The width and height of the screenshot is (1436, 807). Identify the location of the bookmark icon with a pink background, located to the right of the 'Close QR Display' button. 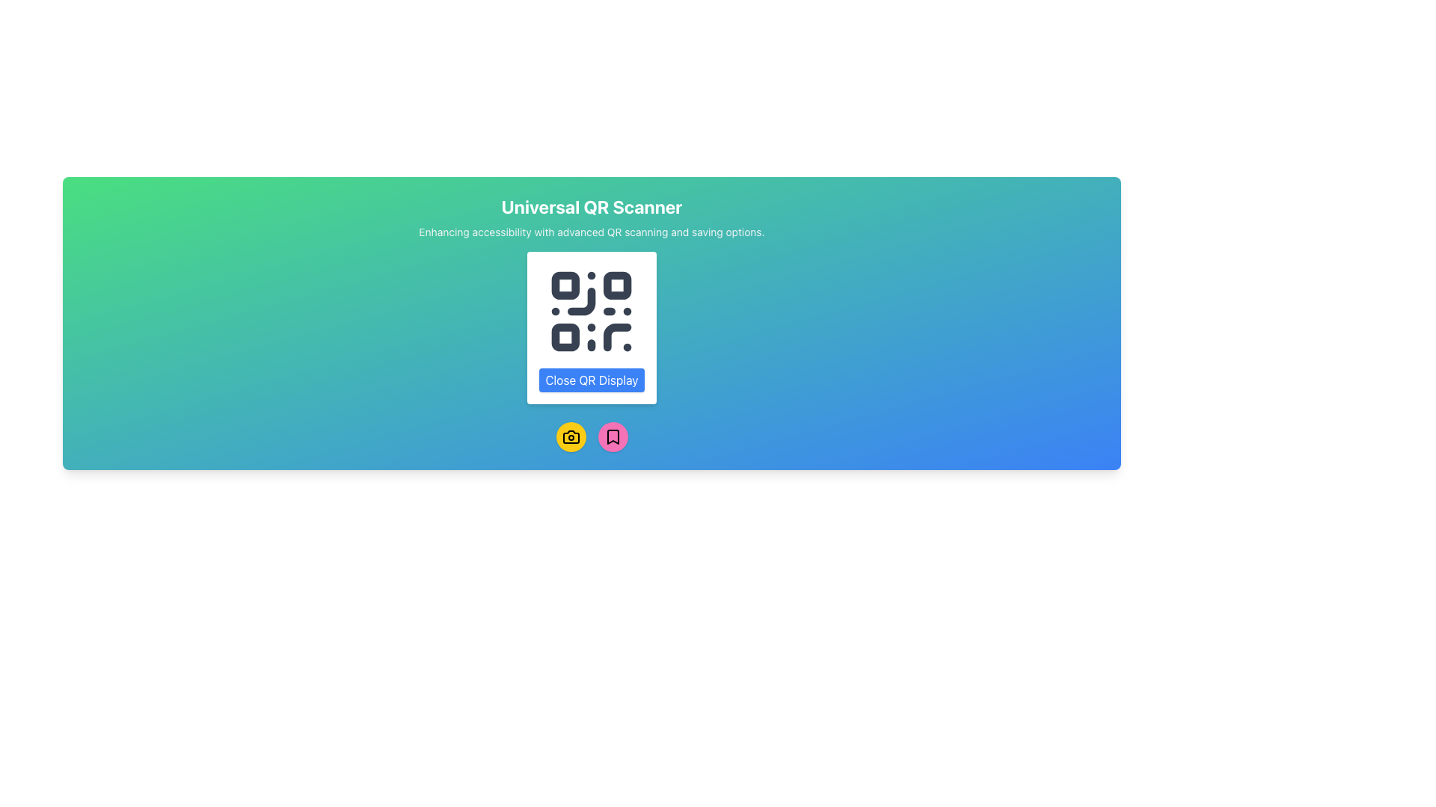
(613, 437).